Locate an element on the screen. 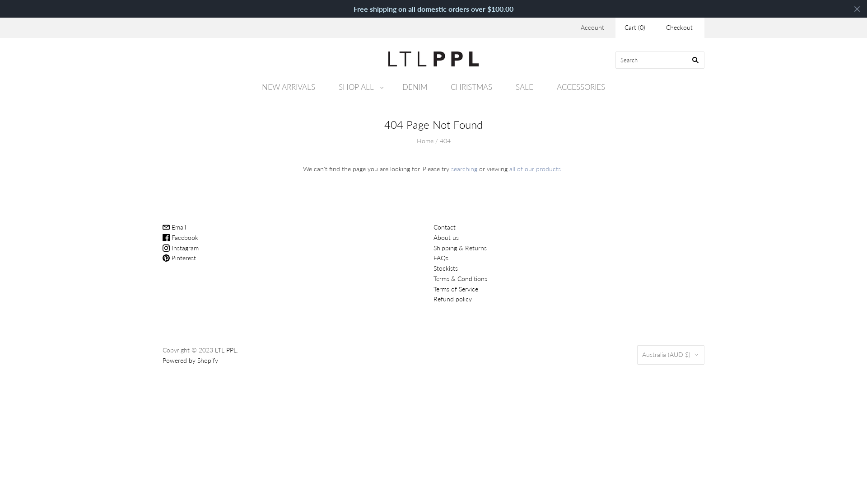 The width and height of the screenshot is (867, 488). 'Contact' is located at coordinates (444, 226).